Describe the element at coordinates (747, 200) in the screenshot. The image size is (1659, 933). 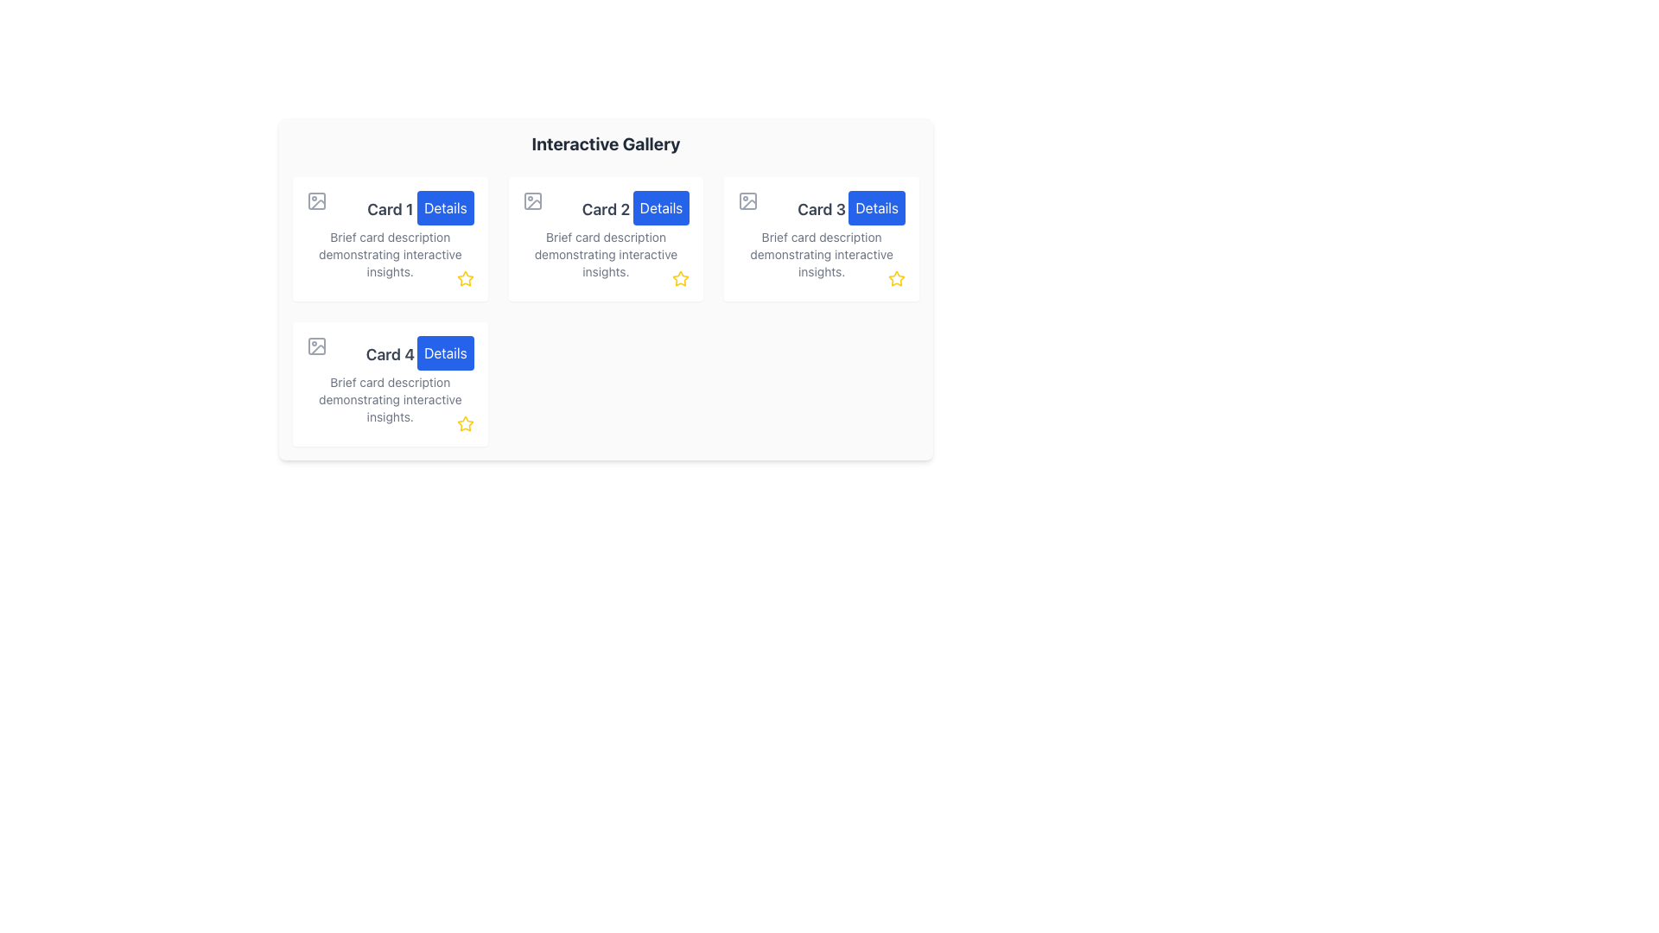
I see `the small rectangular icon with rounded corners located in the top-left corner of 'Card 3' in the gallery layout` at that location.